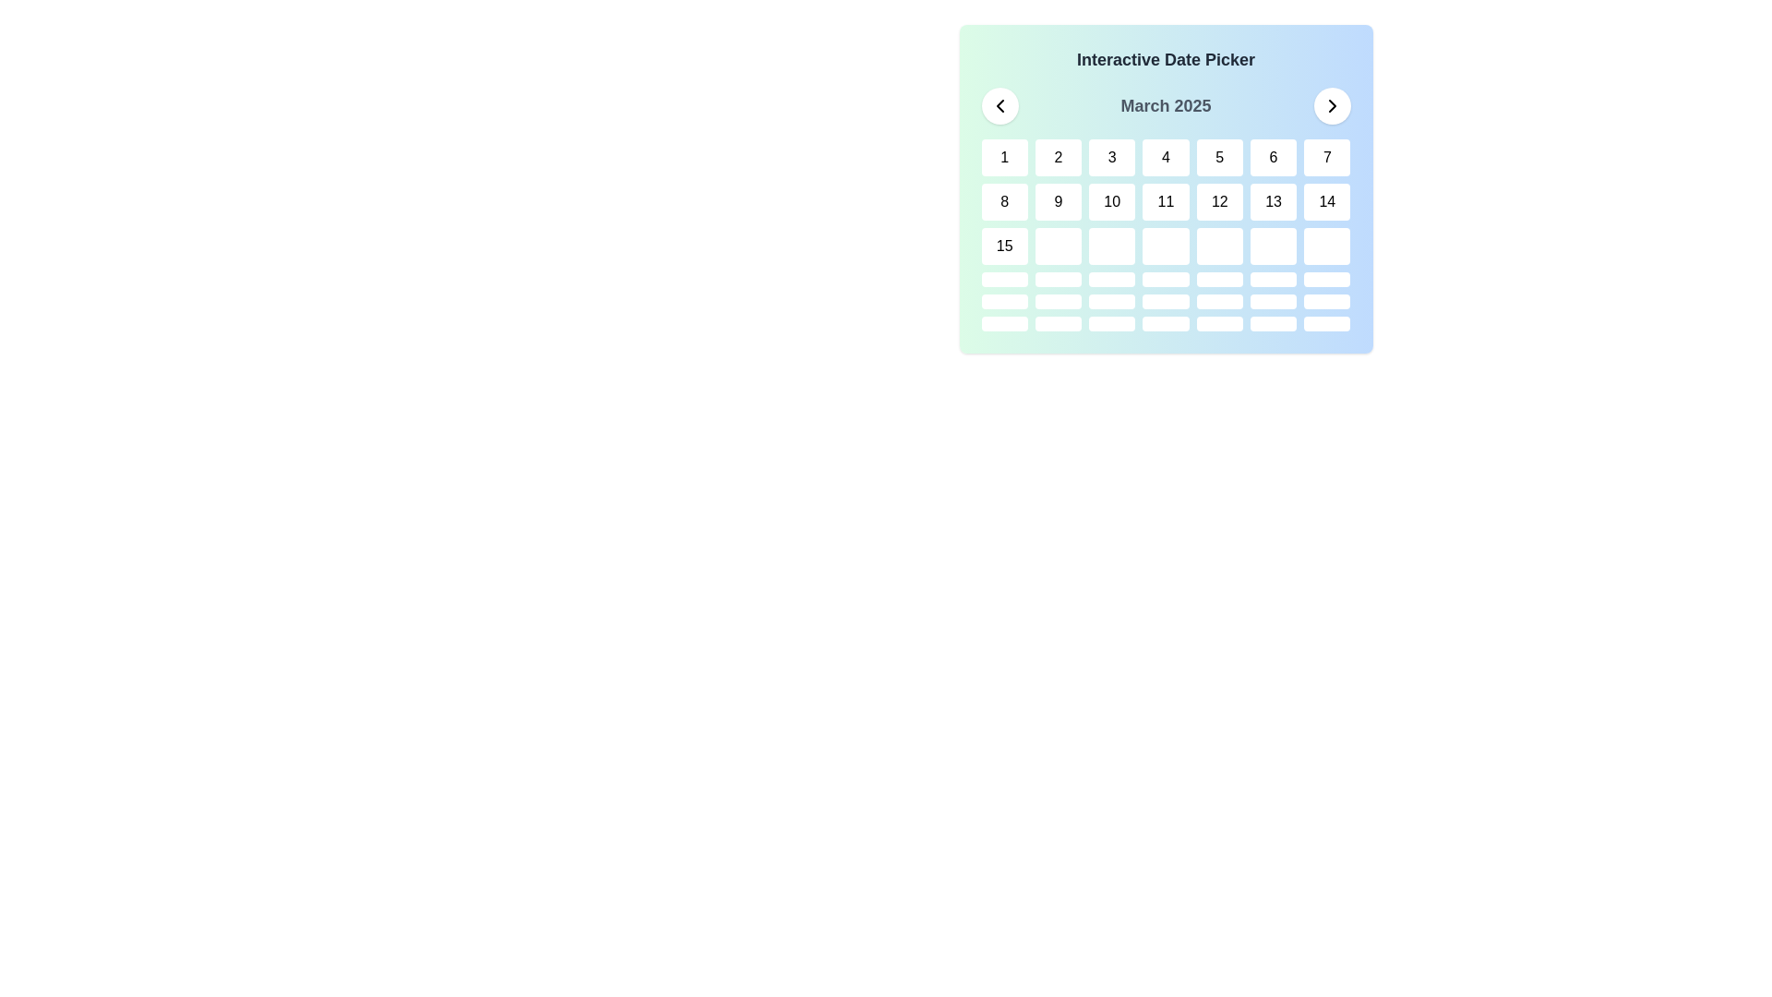 This screenshot has height=997, width=1772. I want to click on the rounded rectangular button with a white background containing the number '2', so click(1059, 156).